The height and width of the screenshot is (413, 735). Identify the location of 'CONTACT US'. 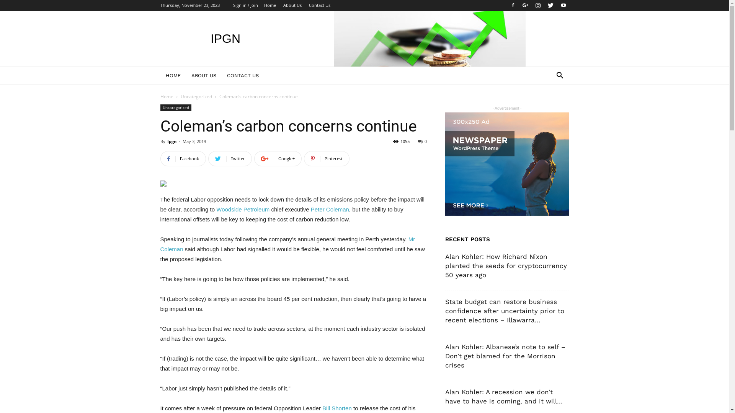
(242, 75).